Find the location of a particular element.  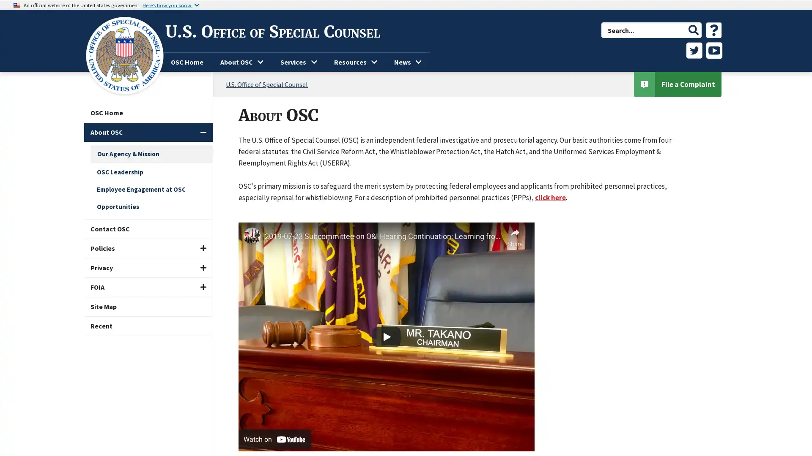

Resources is located at coordinates (355, 62).